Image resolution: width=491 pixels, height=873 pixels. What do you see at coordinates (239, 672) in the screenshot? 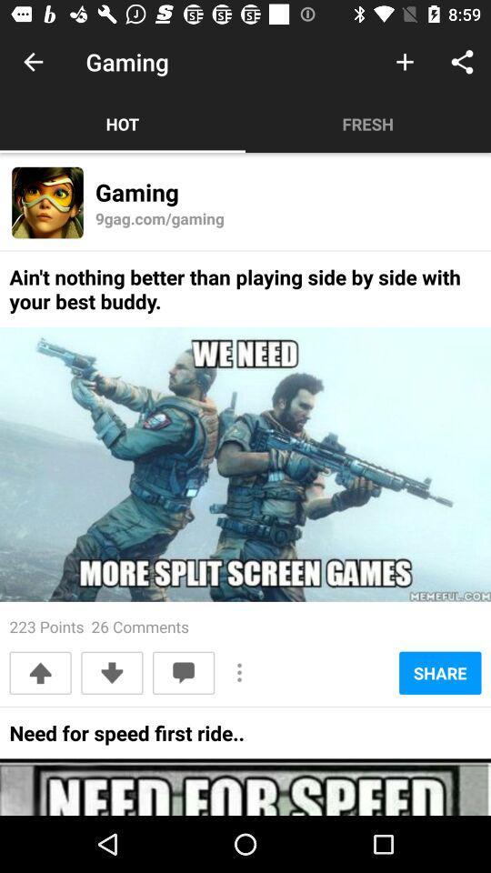
I see `the icon next to share item` at bounding box center [239, 672].